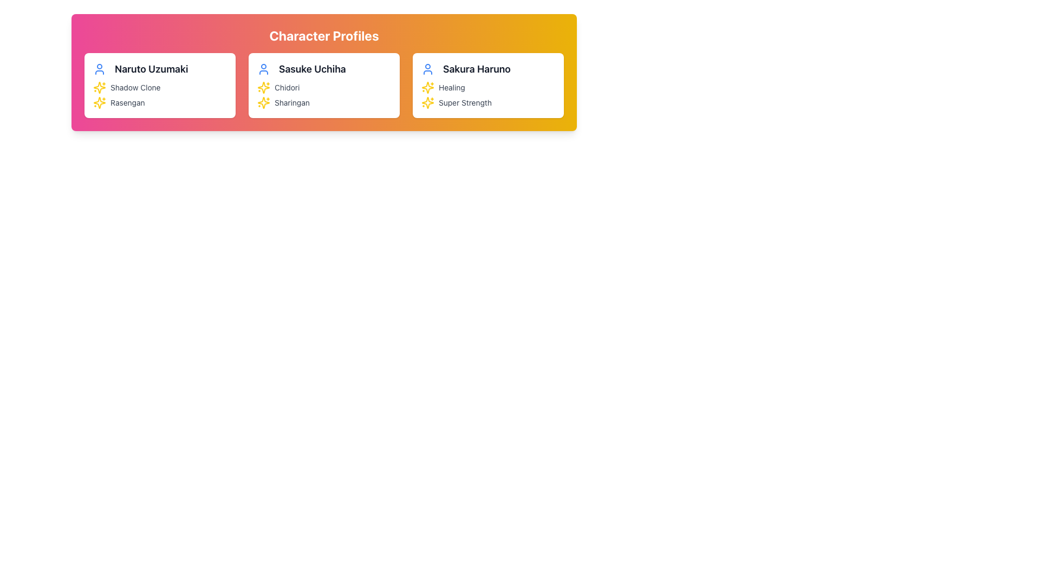  What do you see at coordinates (323, 73) in the screenshot?
I see `the interactive areas of the Information Display Card titled 'Character Profiles', which features a gradient background and three character sections, including 'Sasuke Uchiha' in the middle` at bounding box center [323, 73].